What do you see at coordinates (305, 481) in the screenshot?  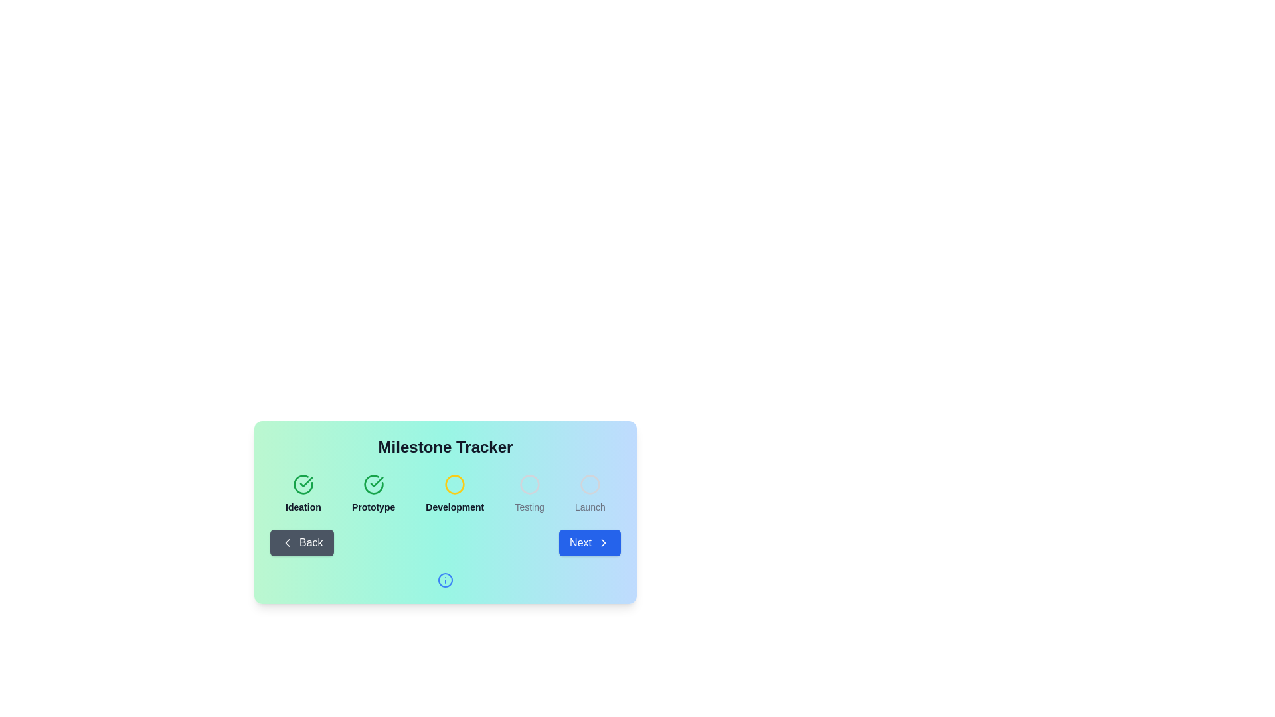 I see `the status of the green checkmark icon located in the 'Prototype' section of the milestone tracker interface, positioned between the 'Ideation' and 'Development' sections` at bounding box center [305, 481].